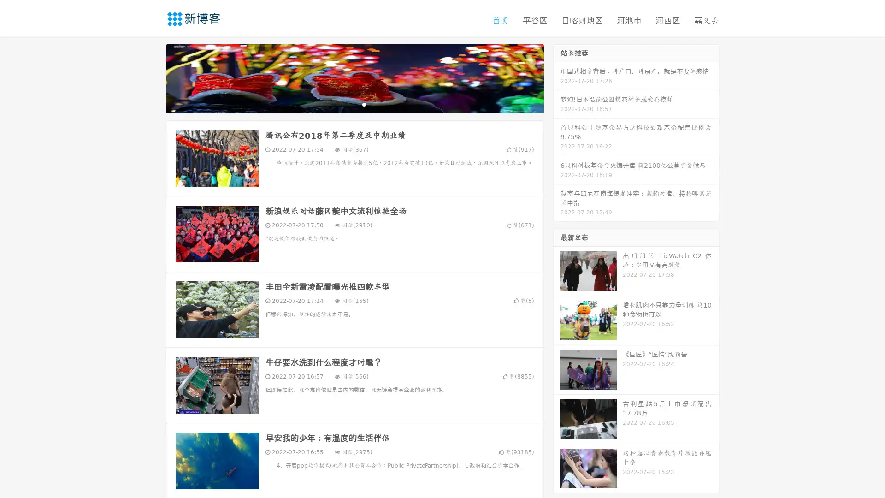 Image resolution: width=885 pixels, height=498 pixels. I want to click on Previous slide, so click(152, 77).